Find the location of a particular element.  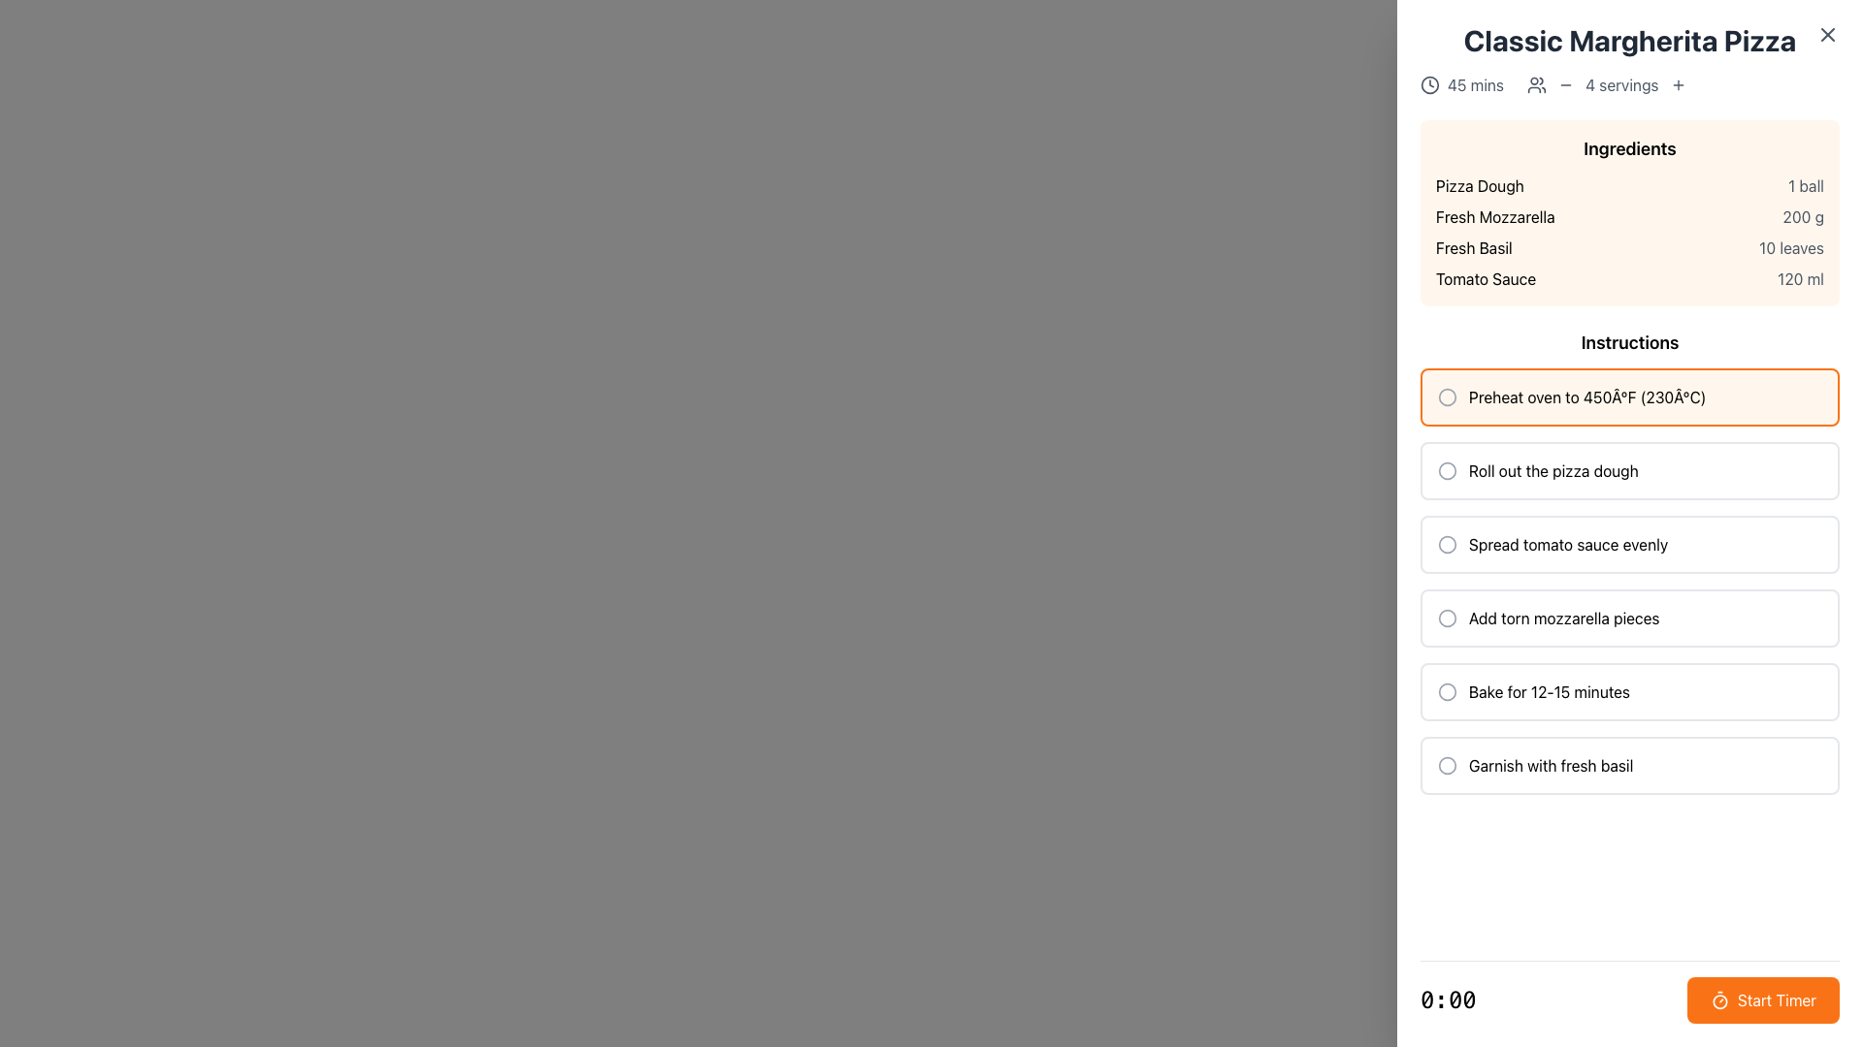

the center of the fifth list item in the 'Instructions' section that guides the user to 'Bake for 12-15 minutes' is located at coordinates (1630, 690).